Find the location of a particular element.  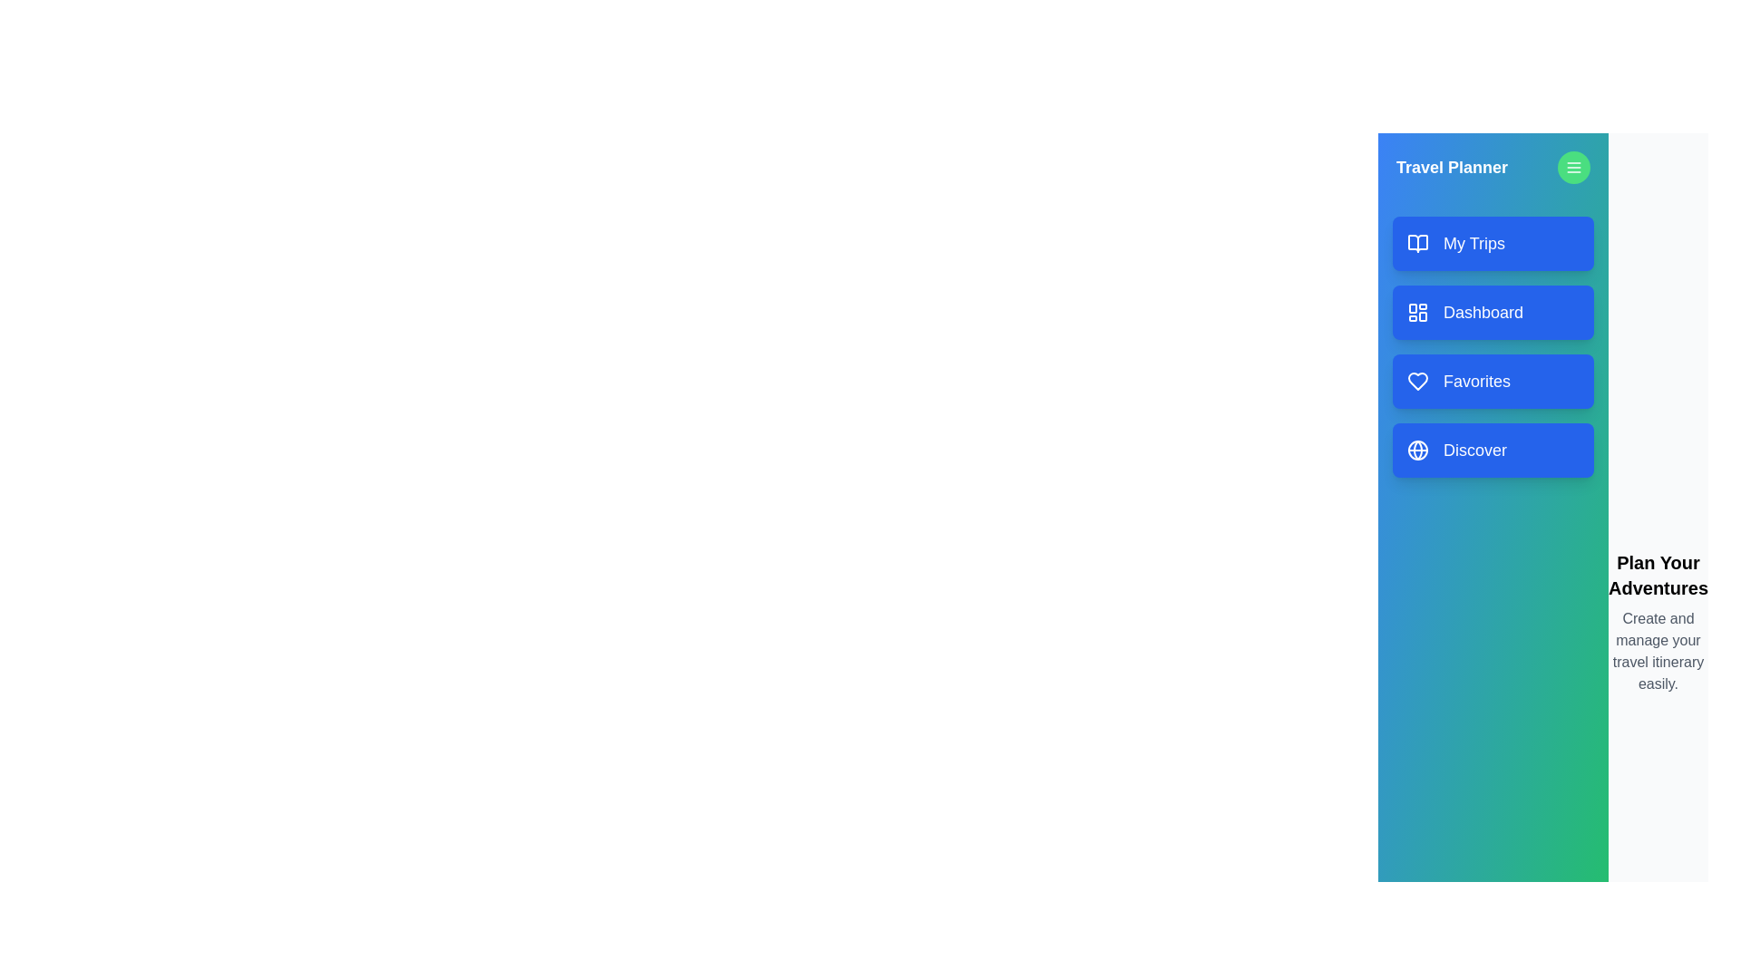

button with the menu icon in the drawer header to toggle its visibility is located at coordinates (1573, 168).